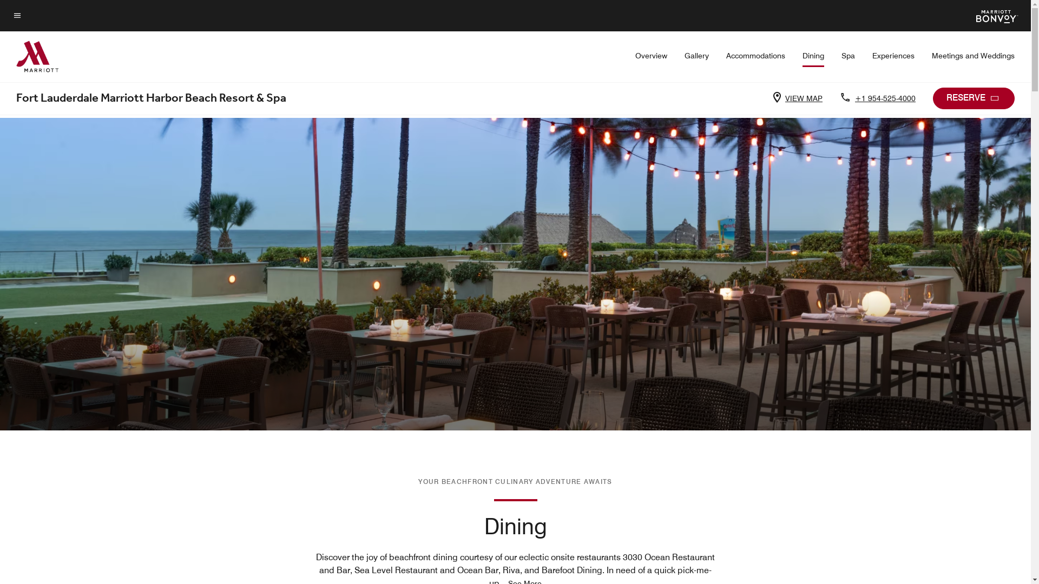  What do you see at coordinates (883, 98) in the screenshot?
I see `'+1 954-525-4000'` at bounding box center [883, 98].